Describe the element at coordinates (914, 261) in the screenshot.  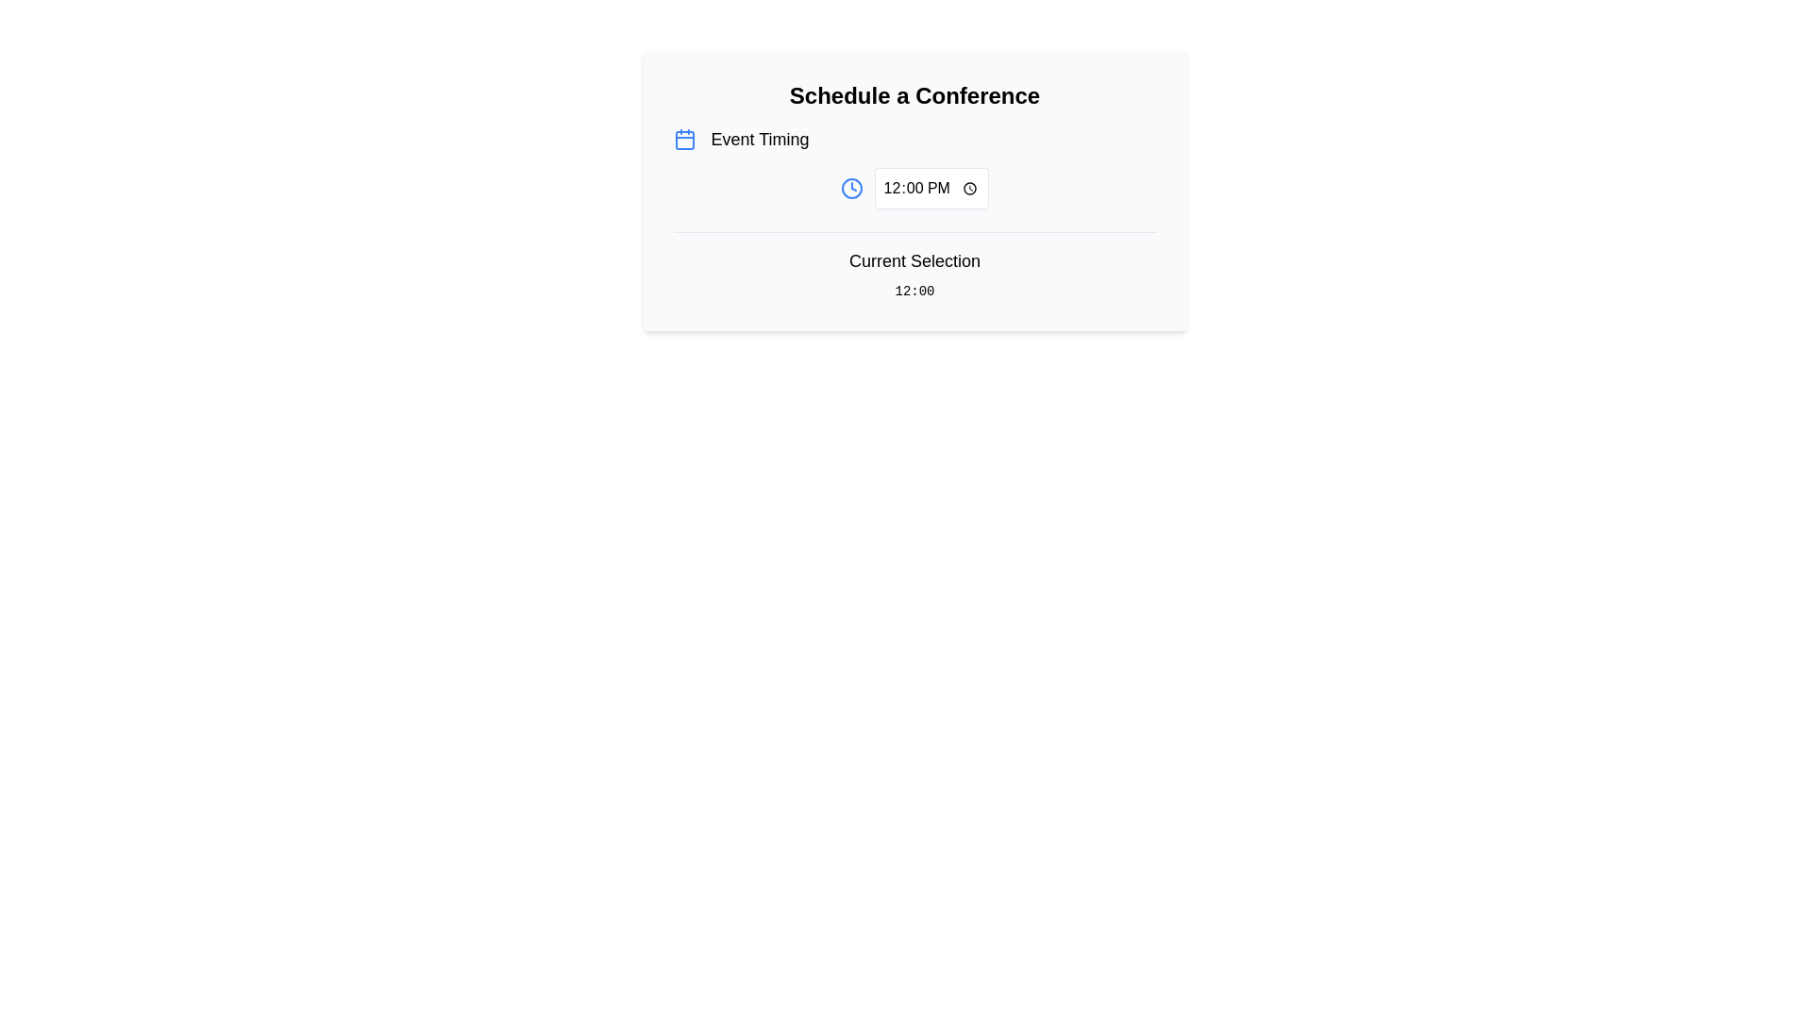
I see `the Text label that indicates the current option or state of the selection process, located under the 'Schedule a Conference' section, above the text '12:00'` at that location.